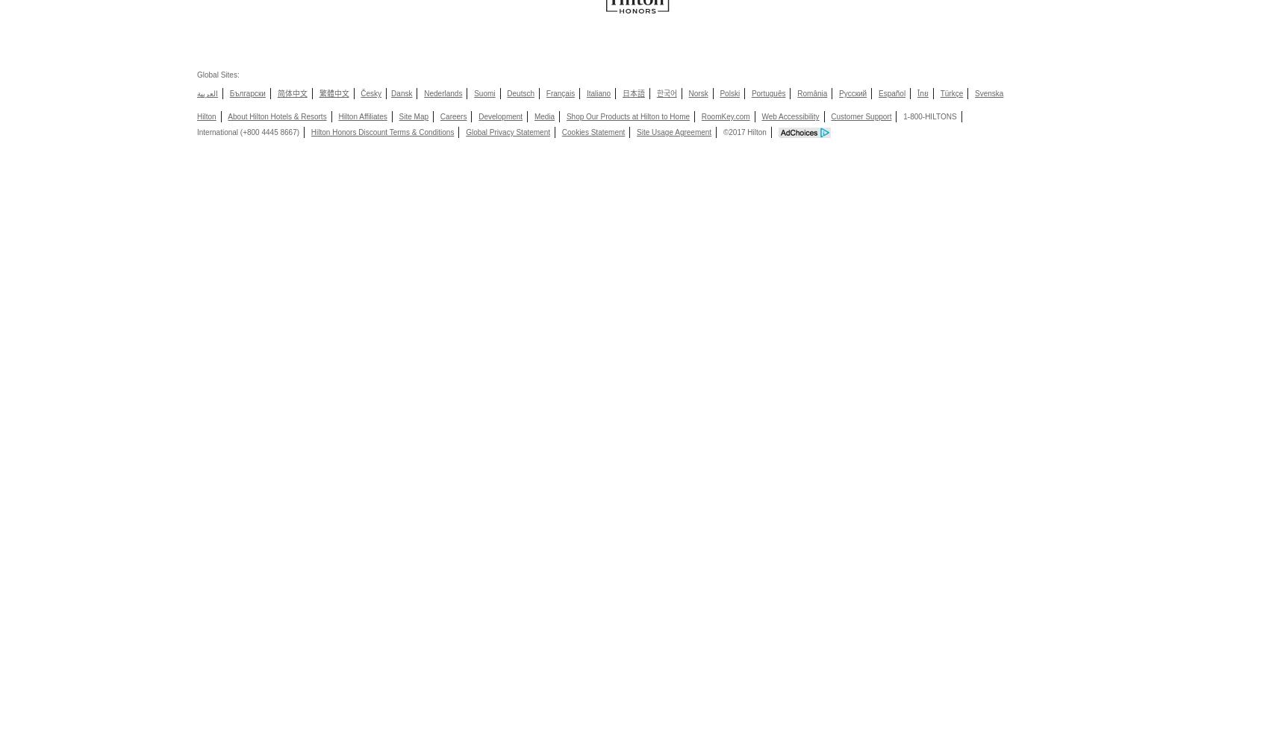  I want to click on 'Português', so click(768, 93).